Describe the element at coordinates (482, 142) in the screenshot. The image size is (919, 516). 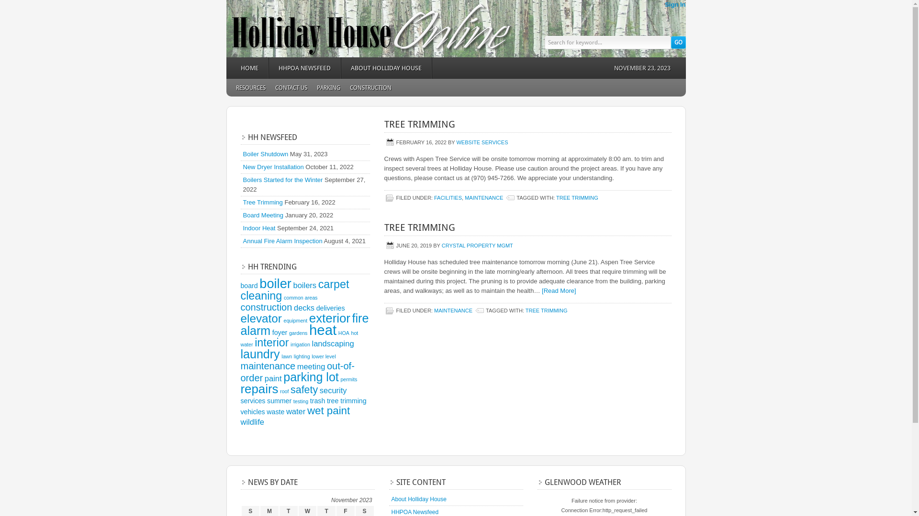
I see `'WEBSITE SERVICES'` at that location.